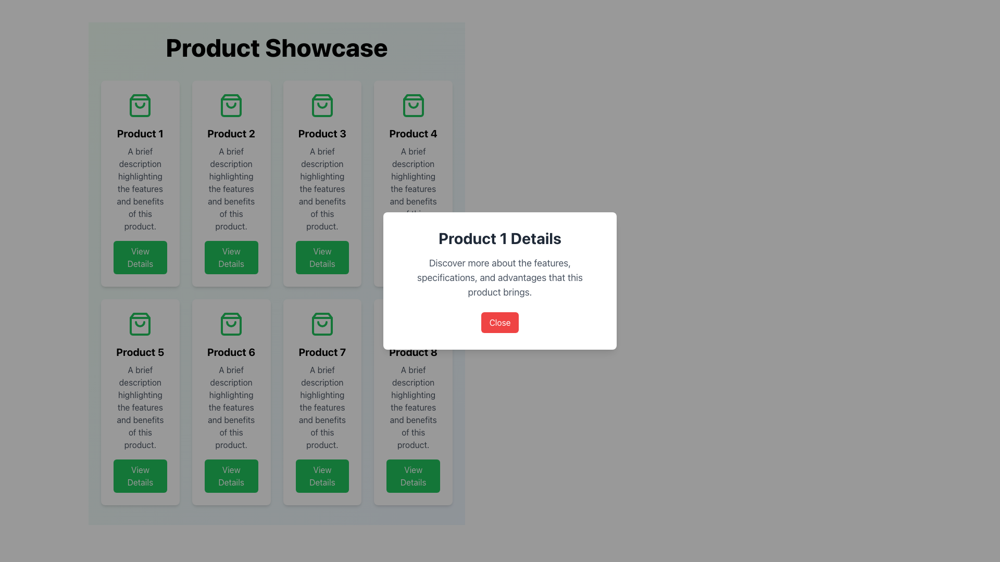 This screenshot has height=562, width=1000. I want to click on title text of the product displayed in the card located in the last column of the second row of the grid layout, which is styled as a heading or title, so click(413, 352).